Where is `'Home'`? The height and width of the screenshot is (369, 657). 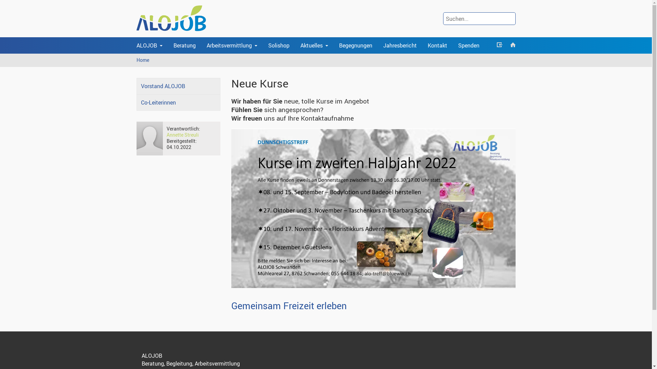 'Home' is located at coordinates (143, 60).